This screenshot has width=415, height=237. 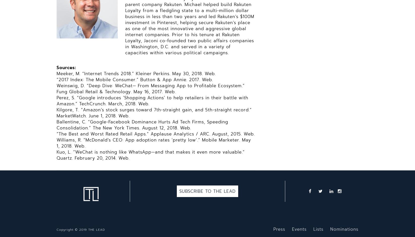 What do you see at coordinates (80, 229) in the screenshot?
I see `'Copyright © 2019 THE LEAD'` at bounding box center [80, 229].